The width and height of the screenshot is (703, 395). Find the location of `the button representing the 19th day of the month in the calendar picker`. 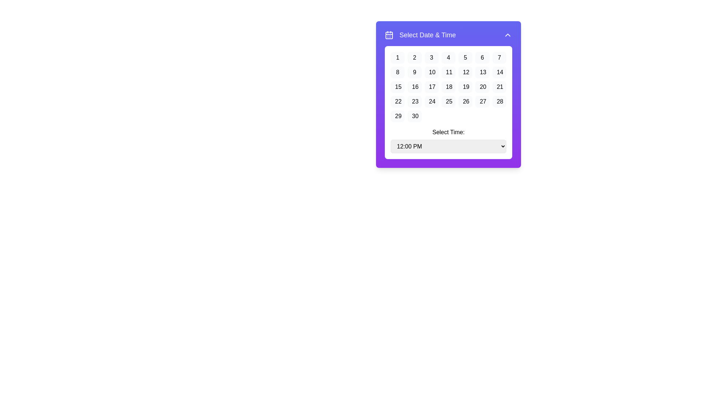

the button representing the 19th day of the month in the calendar picker is located at coordinates (465, 87).